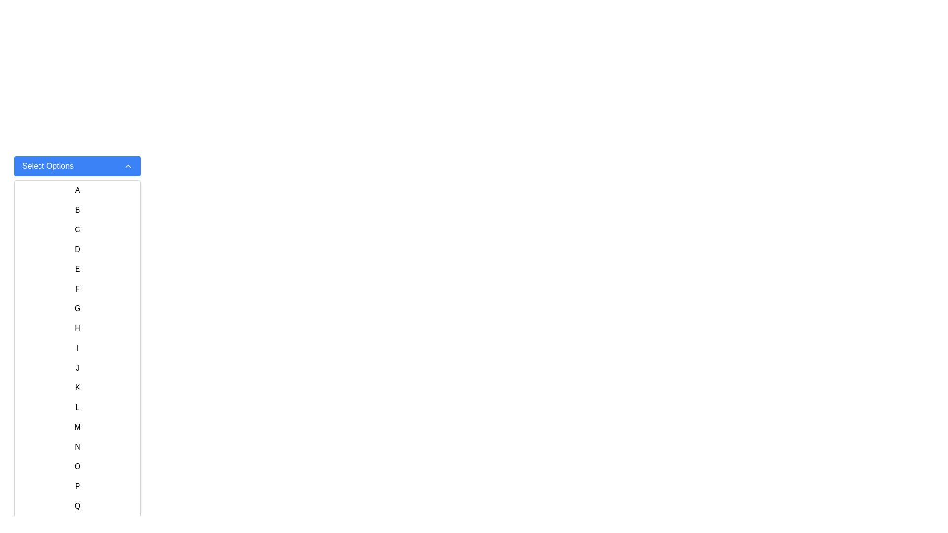  What do you see at coordinates (77, 269) in the screenshot?
I see `the fifth option in the dropdown list of letters` at bounding box center [77, 269].